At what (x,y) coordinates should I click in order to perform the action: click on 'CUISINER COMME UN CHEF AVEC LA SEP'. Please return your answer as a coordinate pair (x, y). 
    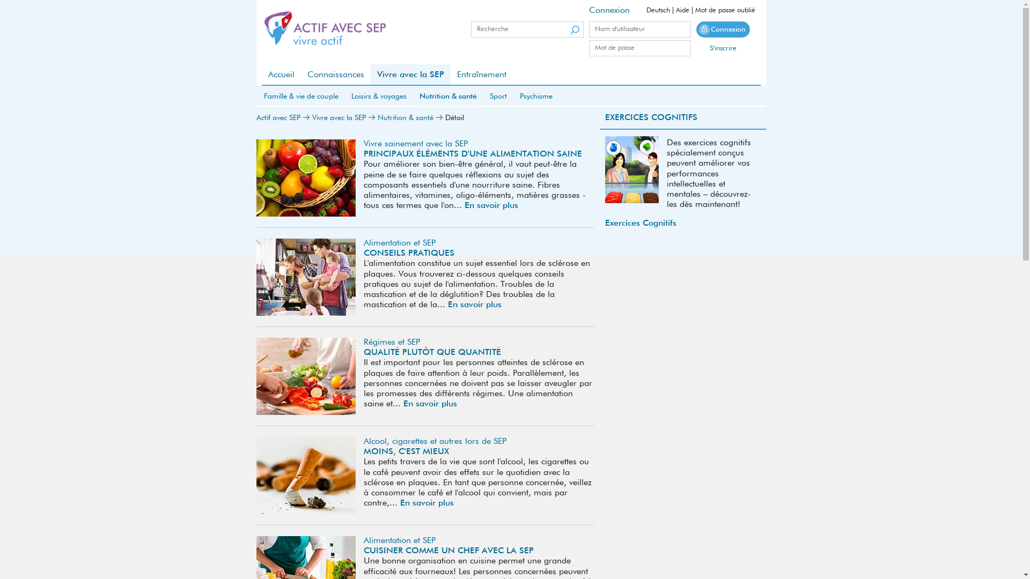
    Looking at the image, I should click on (448, 551).